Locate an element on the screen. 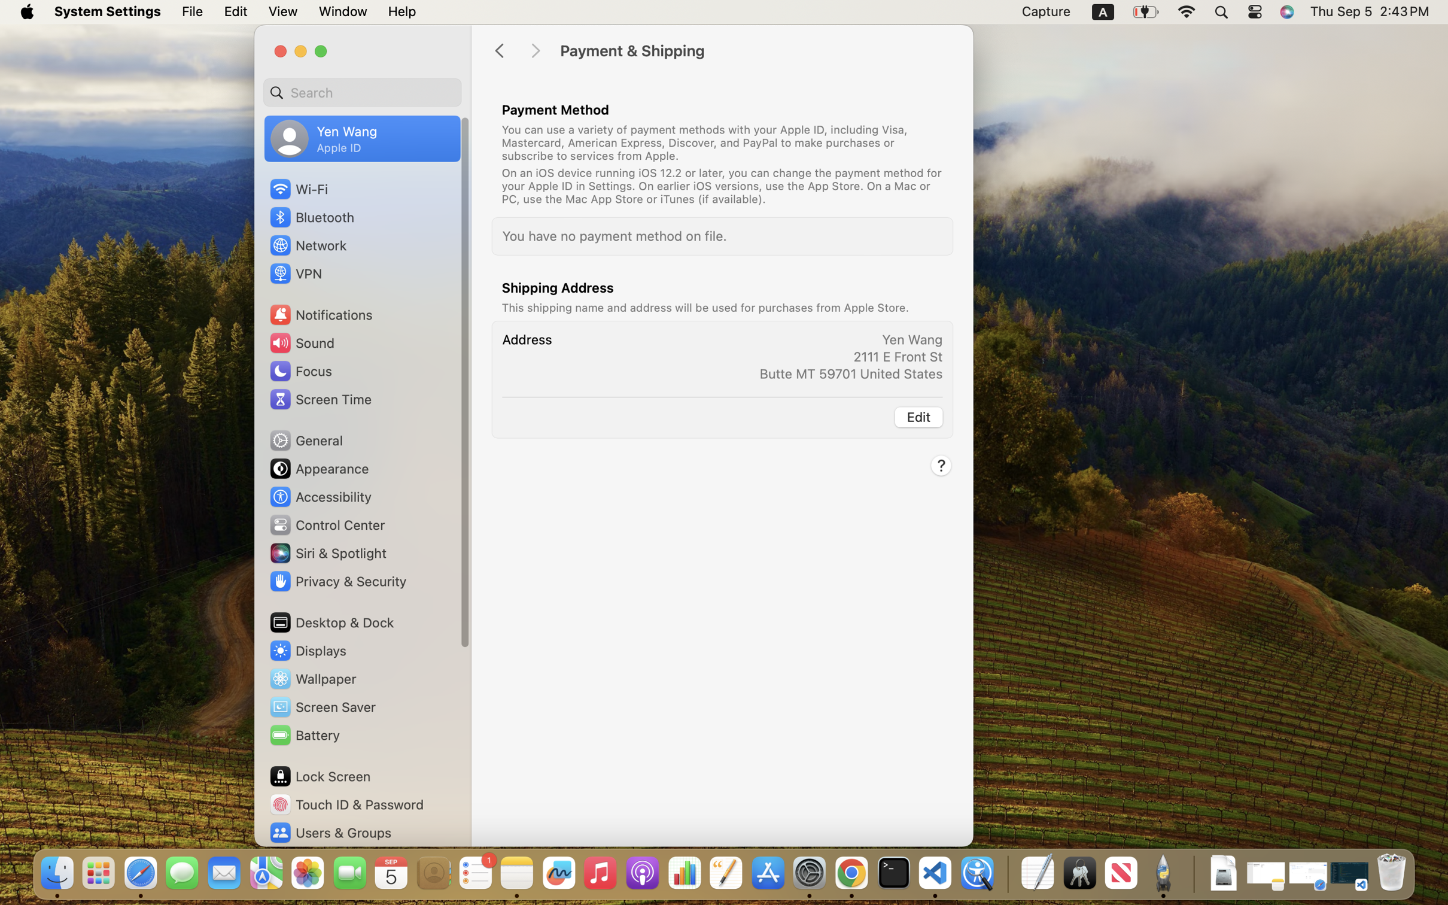  'Address' is located at coordinates (527, 339).